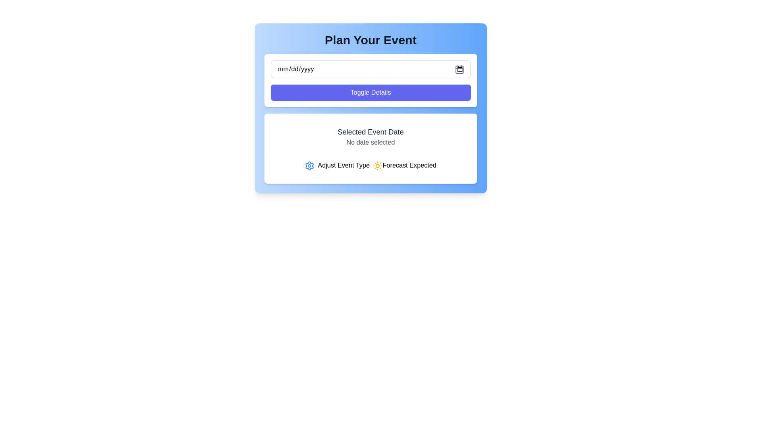 This screenshot has width=774, height=435. Describe the element at coordinates (377, 165) in the screenshot. I see `the third icon representing 'forecast' or 'sunny weather' within the 'Adjust Event Type Forecast Expected' section, located to the right of the blue gear icon` at that location.